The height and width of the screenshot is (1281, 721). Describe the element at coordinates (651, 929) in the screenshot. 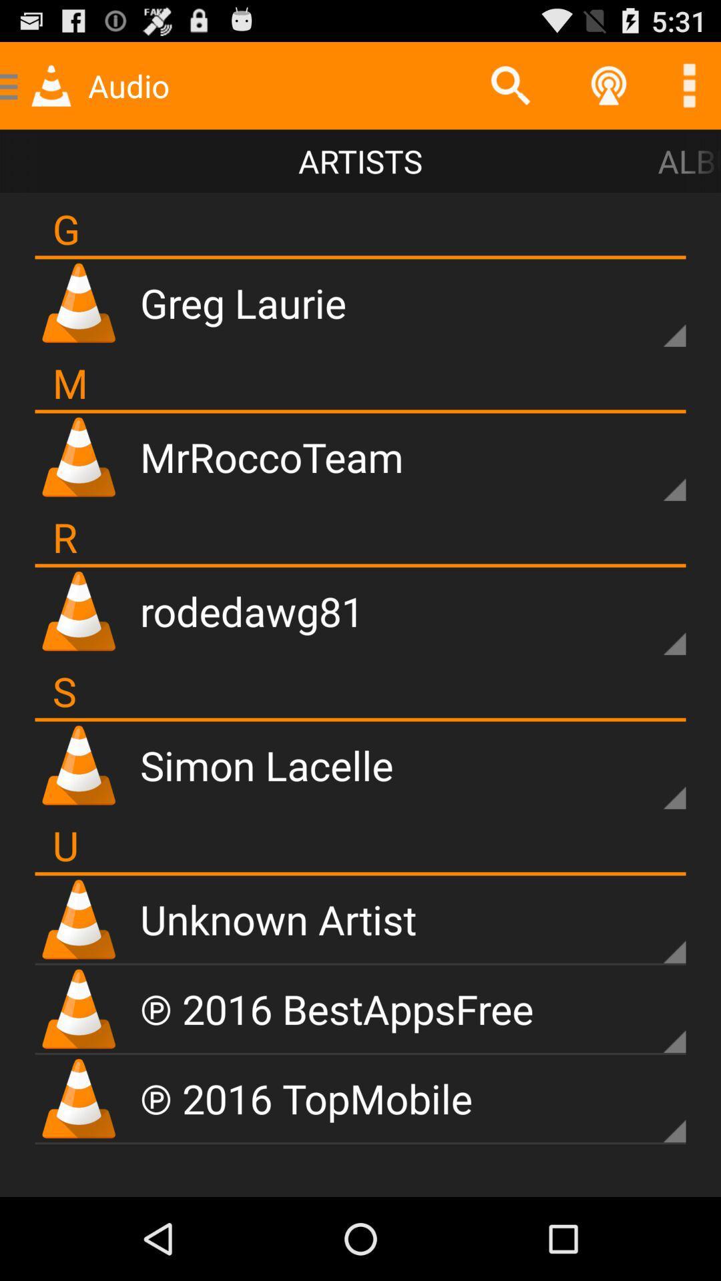

I see `see drop down menu` at that location.